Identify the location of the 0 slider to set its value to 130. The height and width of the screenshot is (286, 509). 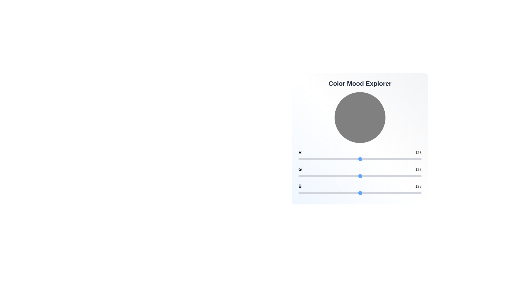
(361, 159).